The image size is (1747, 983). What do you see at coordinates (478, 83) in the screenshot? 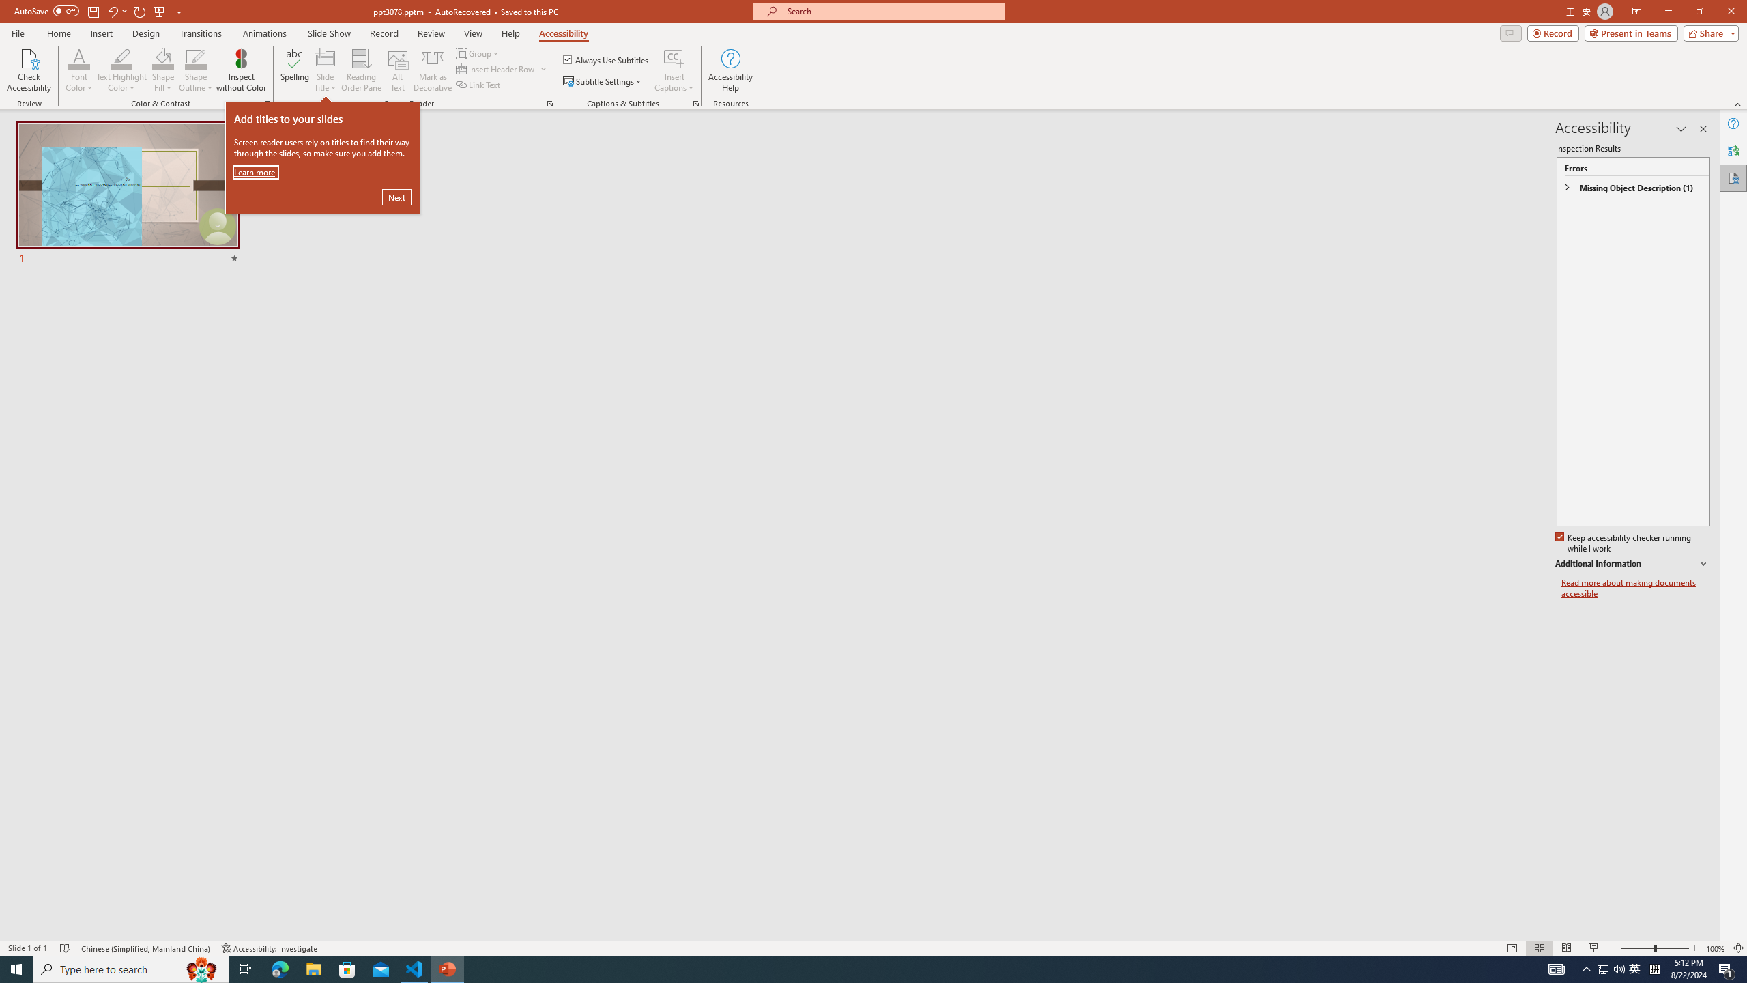
I see `'Link Text'` at bounding box center [478, 83].